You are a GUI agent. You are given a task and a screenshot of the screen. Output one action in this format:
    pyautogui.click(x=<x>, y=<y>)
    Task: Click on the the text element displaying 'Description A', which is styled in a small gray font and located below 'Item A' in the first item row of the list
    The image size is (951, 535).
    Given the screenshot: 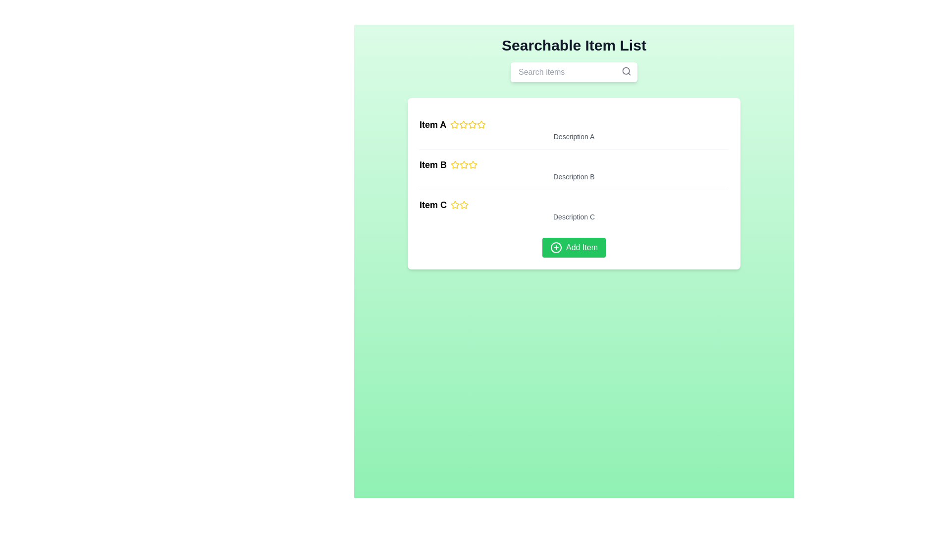 What is the action you would take?
    pyautogui.click(x=574, y=137)
    